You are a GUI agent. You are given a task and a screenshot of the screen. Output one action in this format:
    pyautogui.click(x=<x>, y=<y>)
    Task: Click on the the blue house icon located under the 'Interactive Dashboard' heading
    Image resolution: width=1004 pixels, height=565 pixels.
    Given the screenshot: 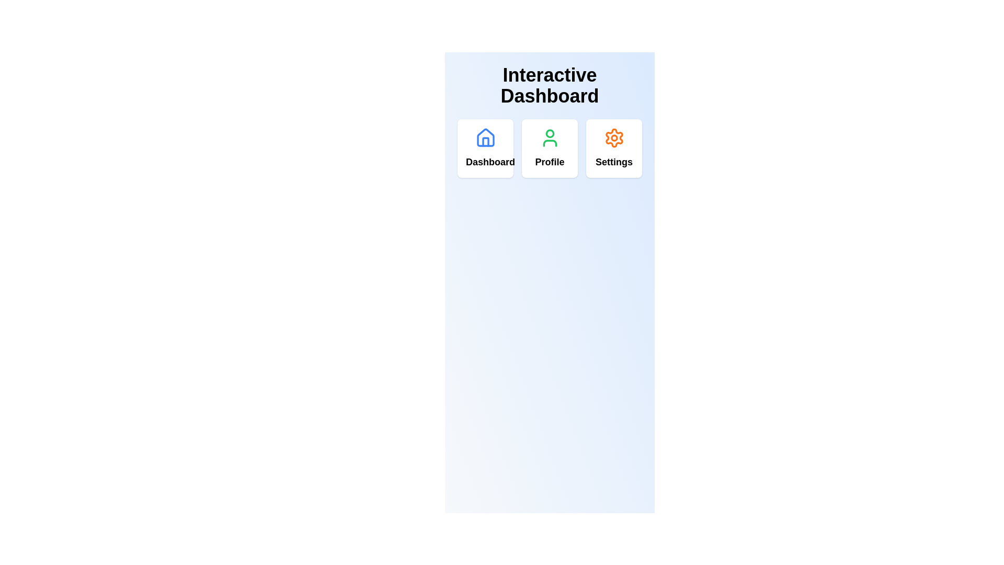 What is the action you would take?
    pyautogui.click(x=485, y=137)
    